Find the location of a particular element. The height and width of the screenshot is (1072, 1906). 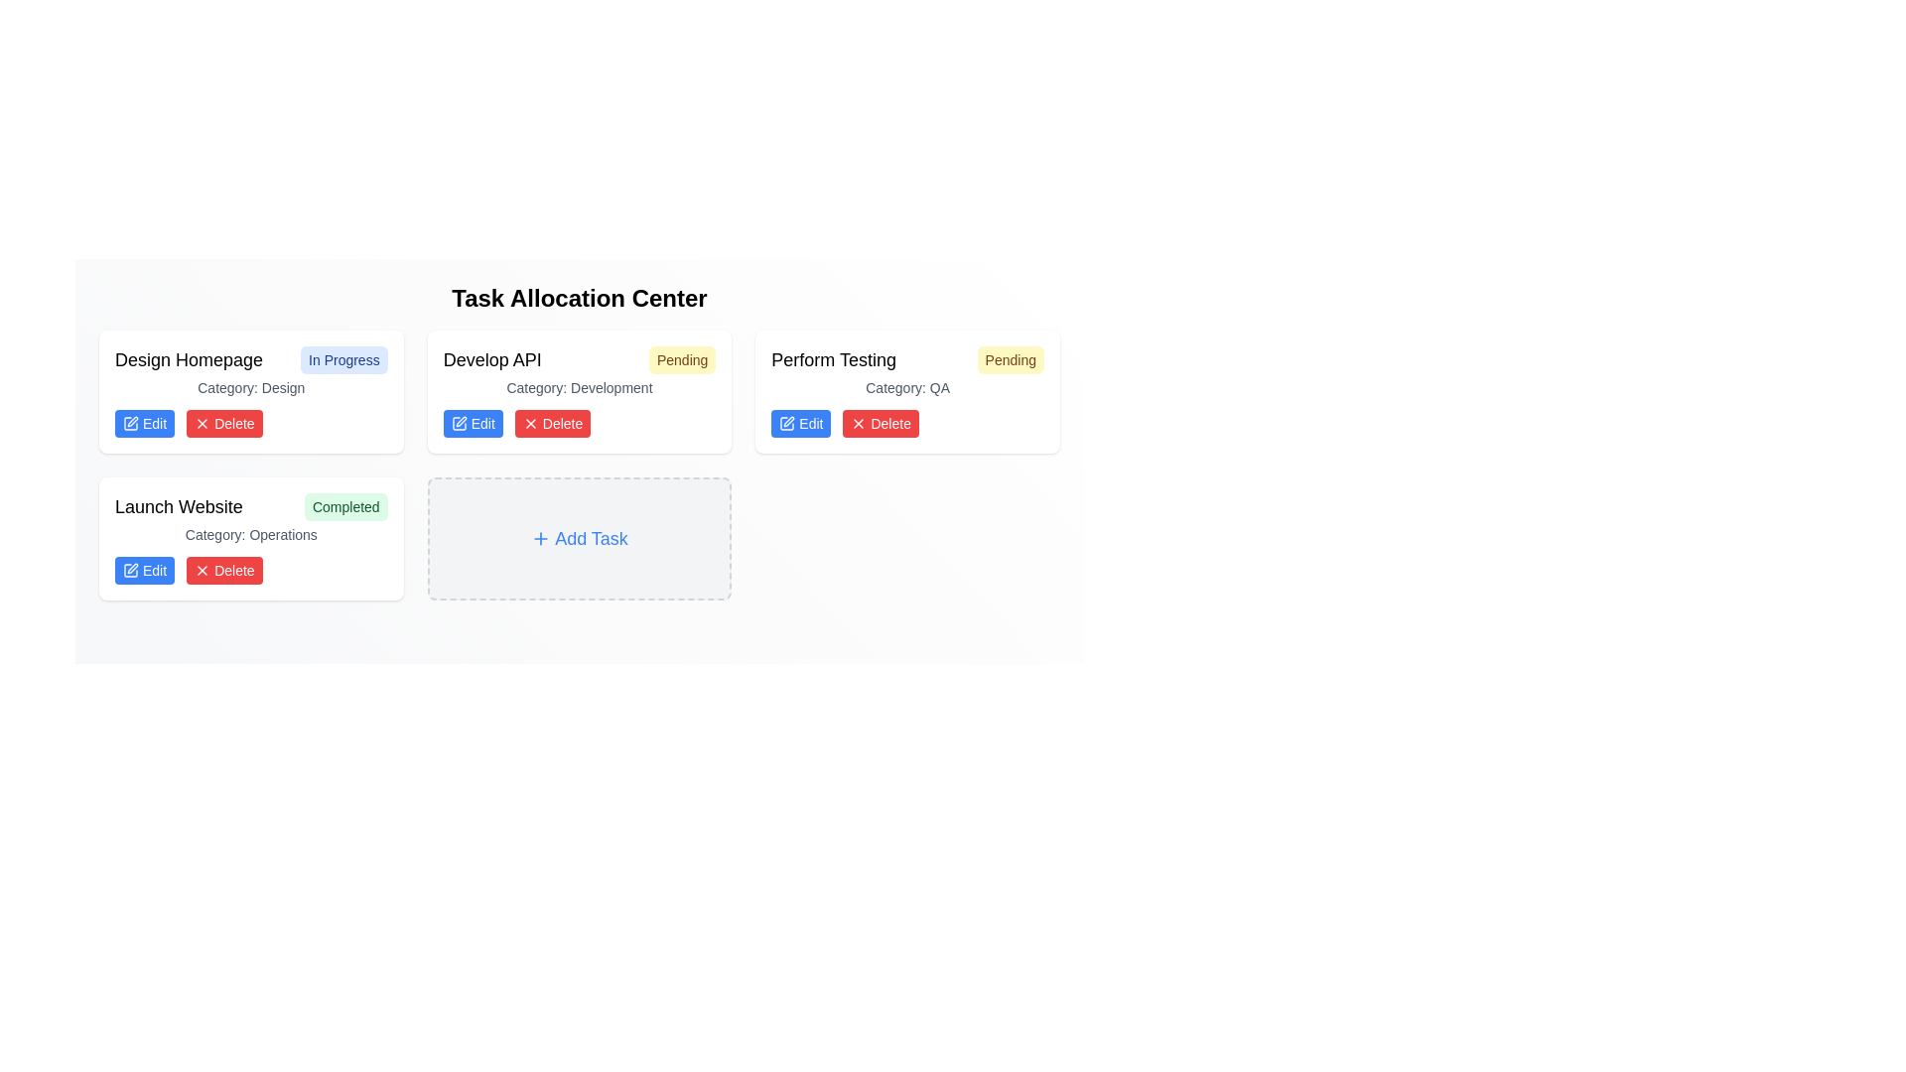

the 'X' icon within the 'Delete' button located under the task labeled 'Develop API' in the task dashboard layout to potentially view a tooltip or visual effect is located at coordinates (859, 423).